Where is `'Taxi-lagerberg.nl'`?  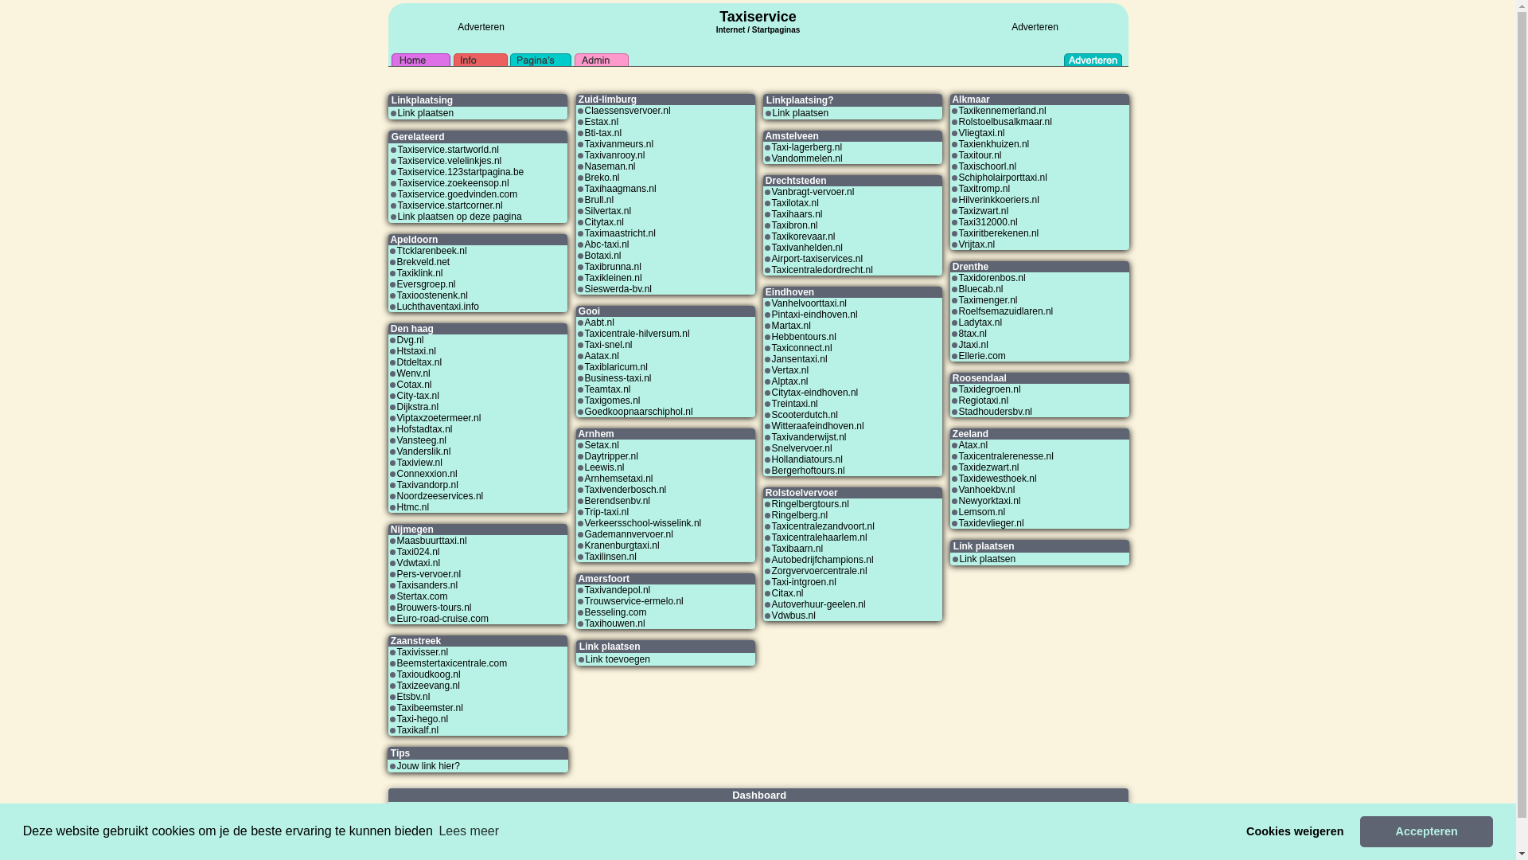
'Taxi-lagerberg.nl' is located at coordinates (771, 147).